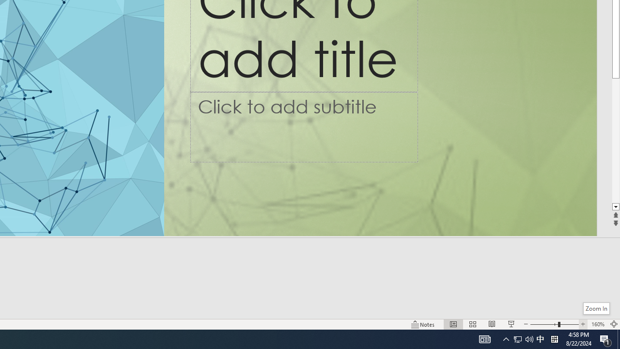 The image size is (620, 349). What do you see at coordinates (597, 324) in the screenshot?
I see `'Zoom 160%'` at bounding box center [597, 324].